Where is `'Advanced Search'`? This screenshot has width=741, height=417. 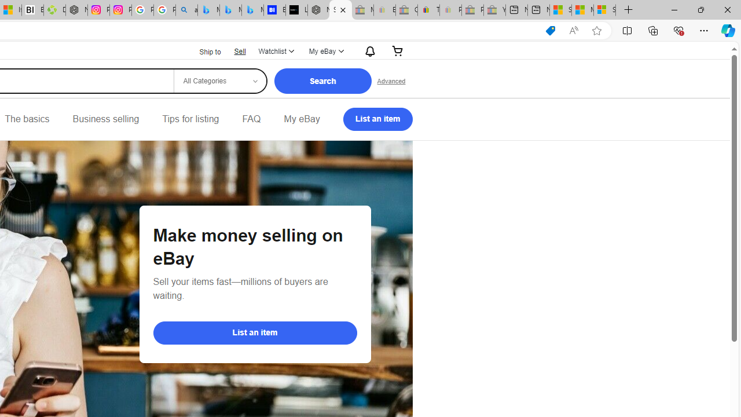
'Advanced Search' is located at coordinates (391, 81).